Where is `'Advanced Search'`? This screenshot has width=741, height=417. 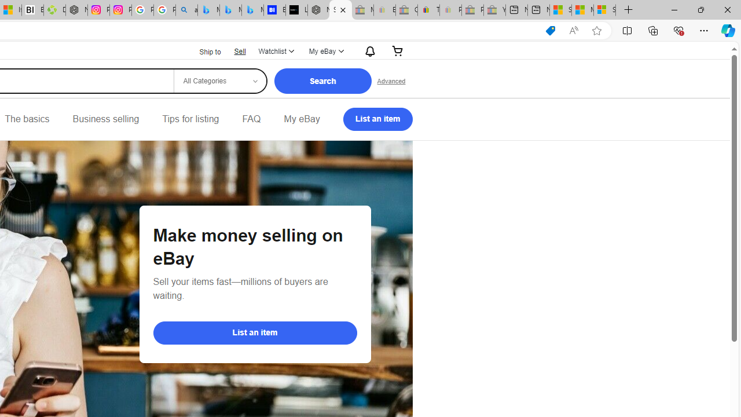
'Advanced Search' is located at coordinates (391, 81).